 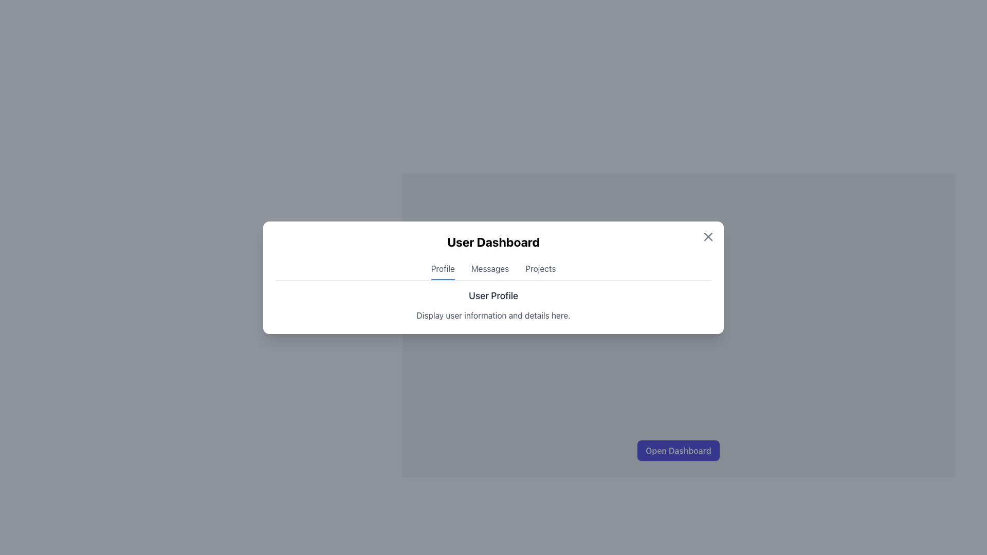 What do you see at coordinates (493, 314) in the screenshot?
I see `the text element displaying 'Display user information and details here.' located below the 'User Profile' text in the 'User Dashboard' modal` at bounding box center [493, 314].